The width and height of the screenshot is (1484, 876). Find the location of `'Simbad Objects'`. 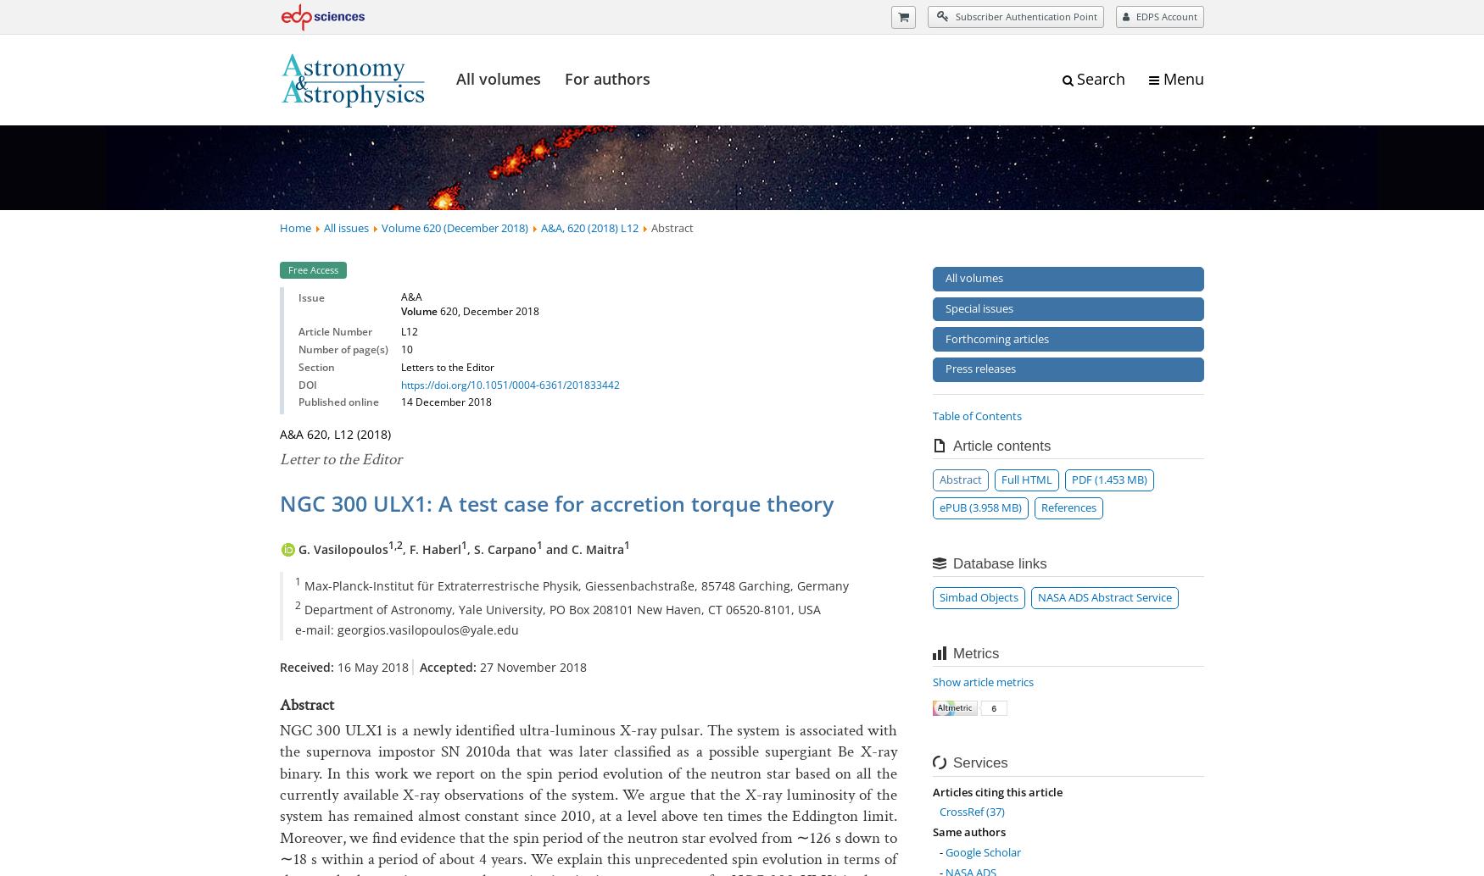

'Simbad Objects' is located at coordinates (978, 596).